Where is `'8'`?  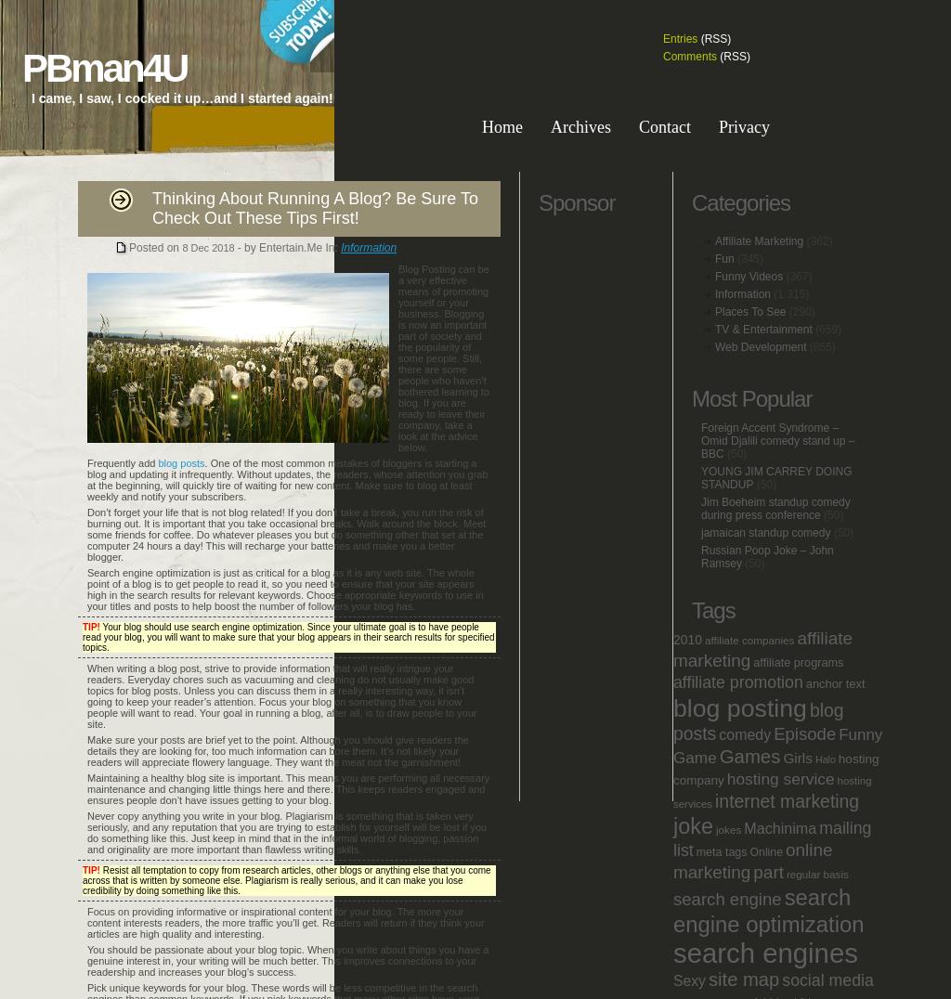
'8' is located at coordinates (181, 247).